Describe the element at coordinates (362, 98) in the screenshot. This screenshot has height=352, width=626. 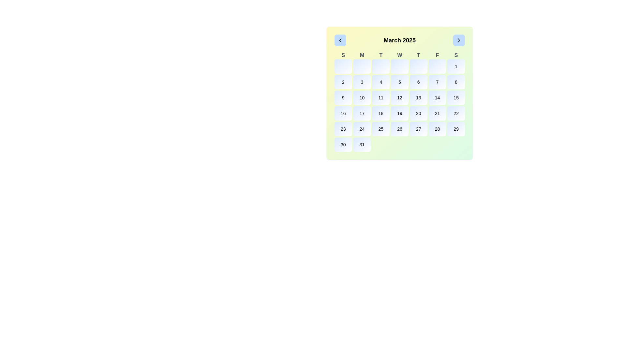
I see `the rounded rectangular button displaying the number '10'` at that location.